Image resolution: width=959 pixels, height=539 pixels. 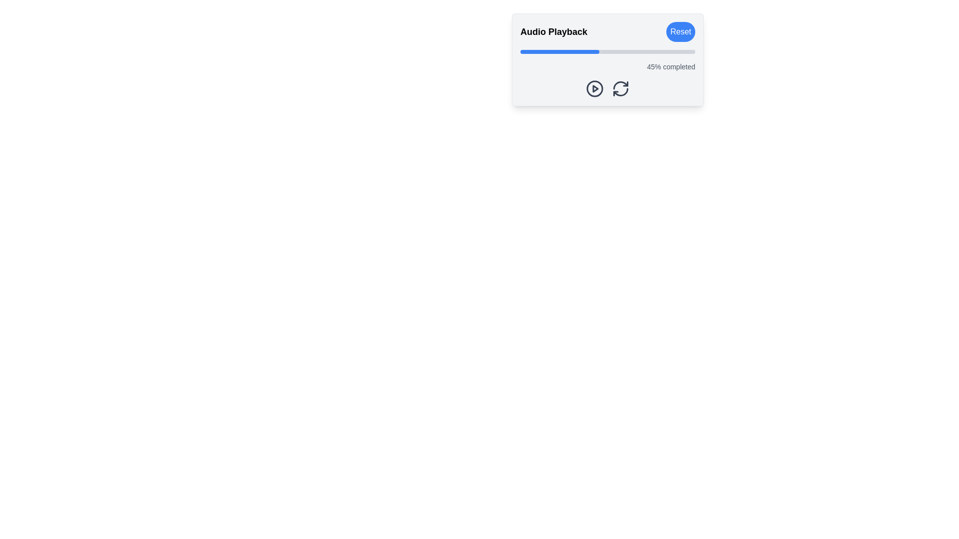 What do you see at coordinates (571, 52) in the screenshot?
I see `progress` at bounding box center [571, 52].